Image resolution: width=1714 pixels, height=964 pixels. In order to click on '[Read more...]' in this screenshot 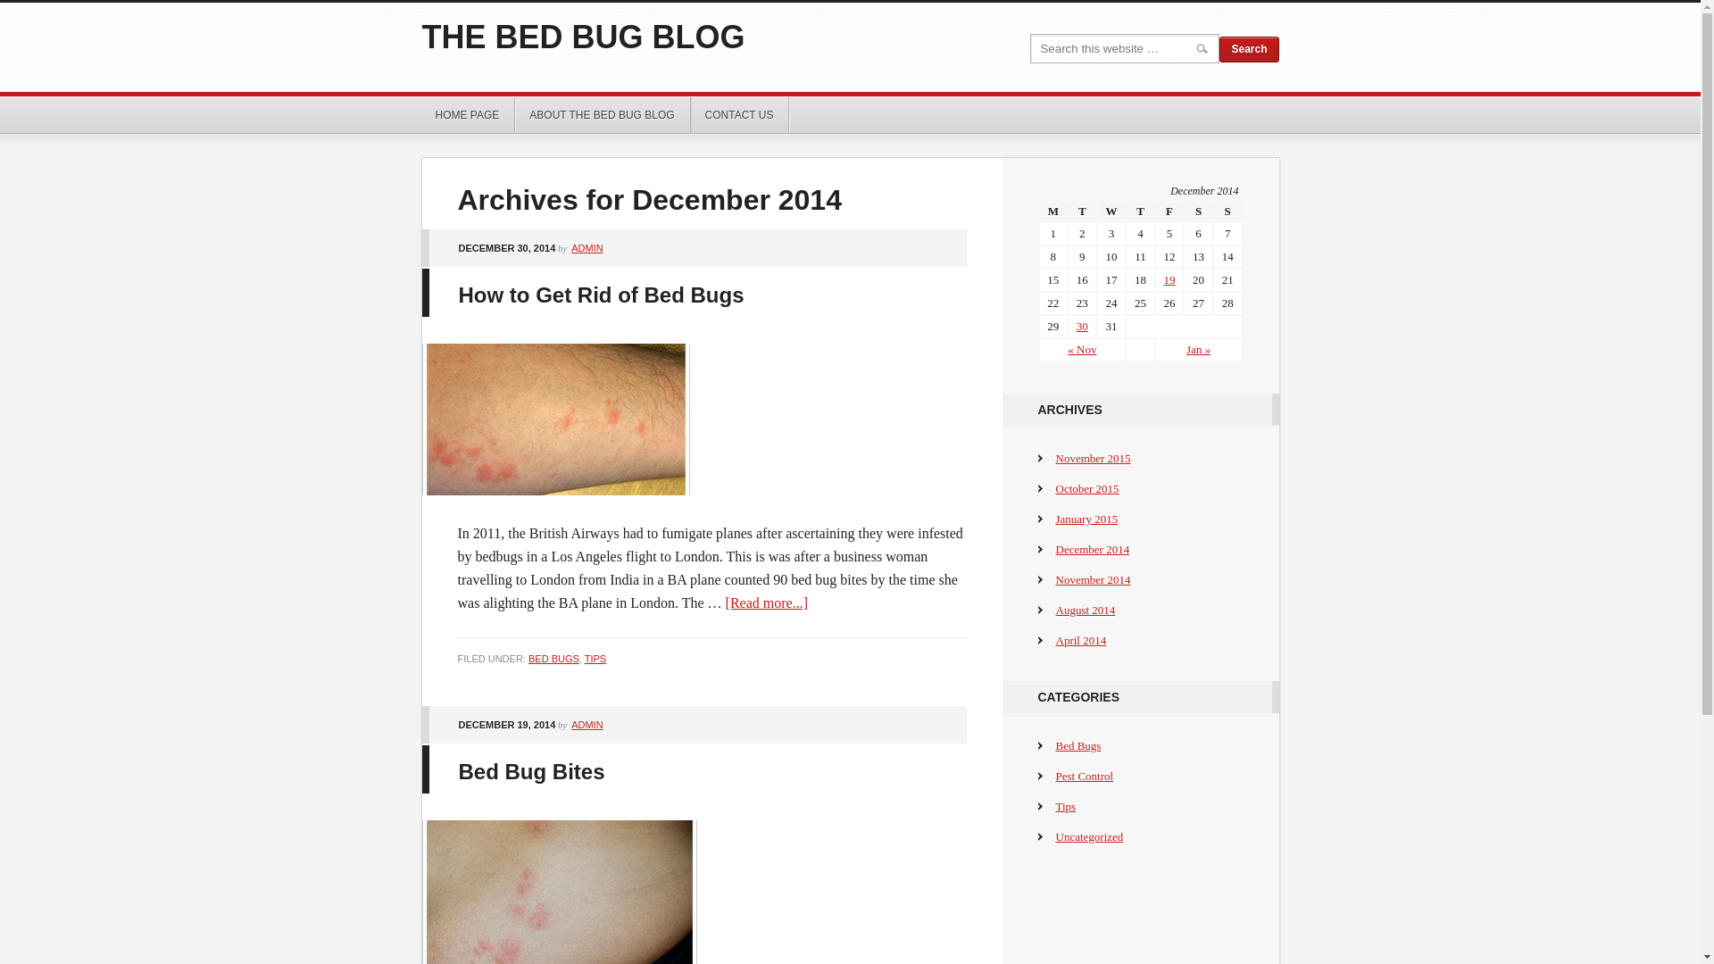, I will do `click(725, 602)`.